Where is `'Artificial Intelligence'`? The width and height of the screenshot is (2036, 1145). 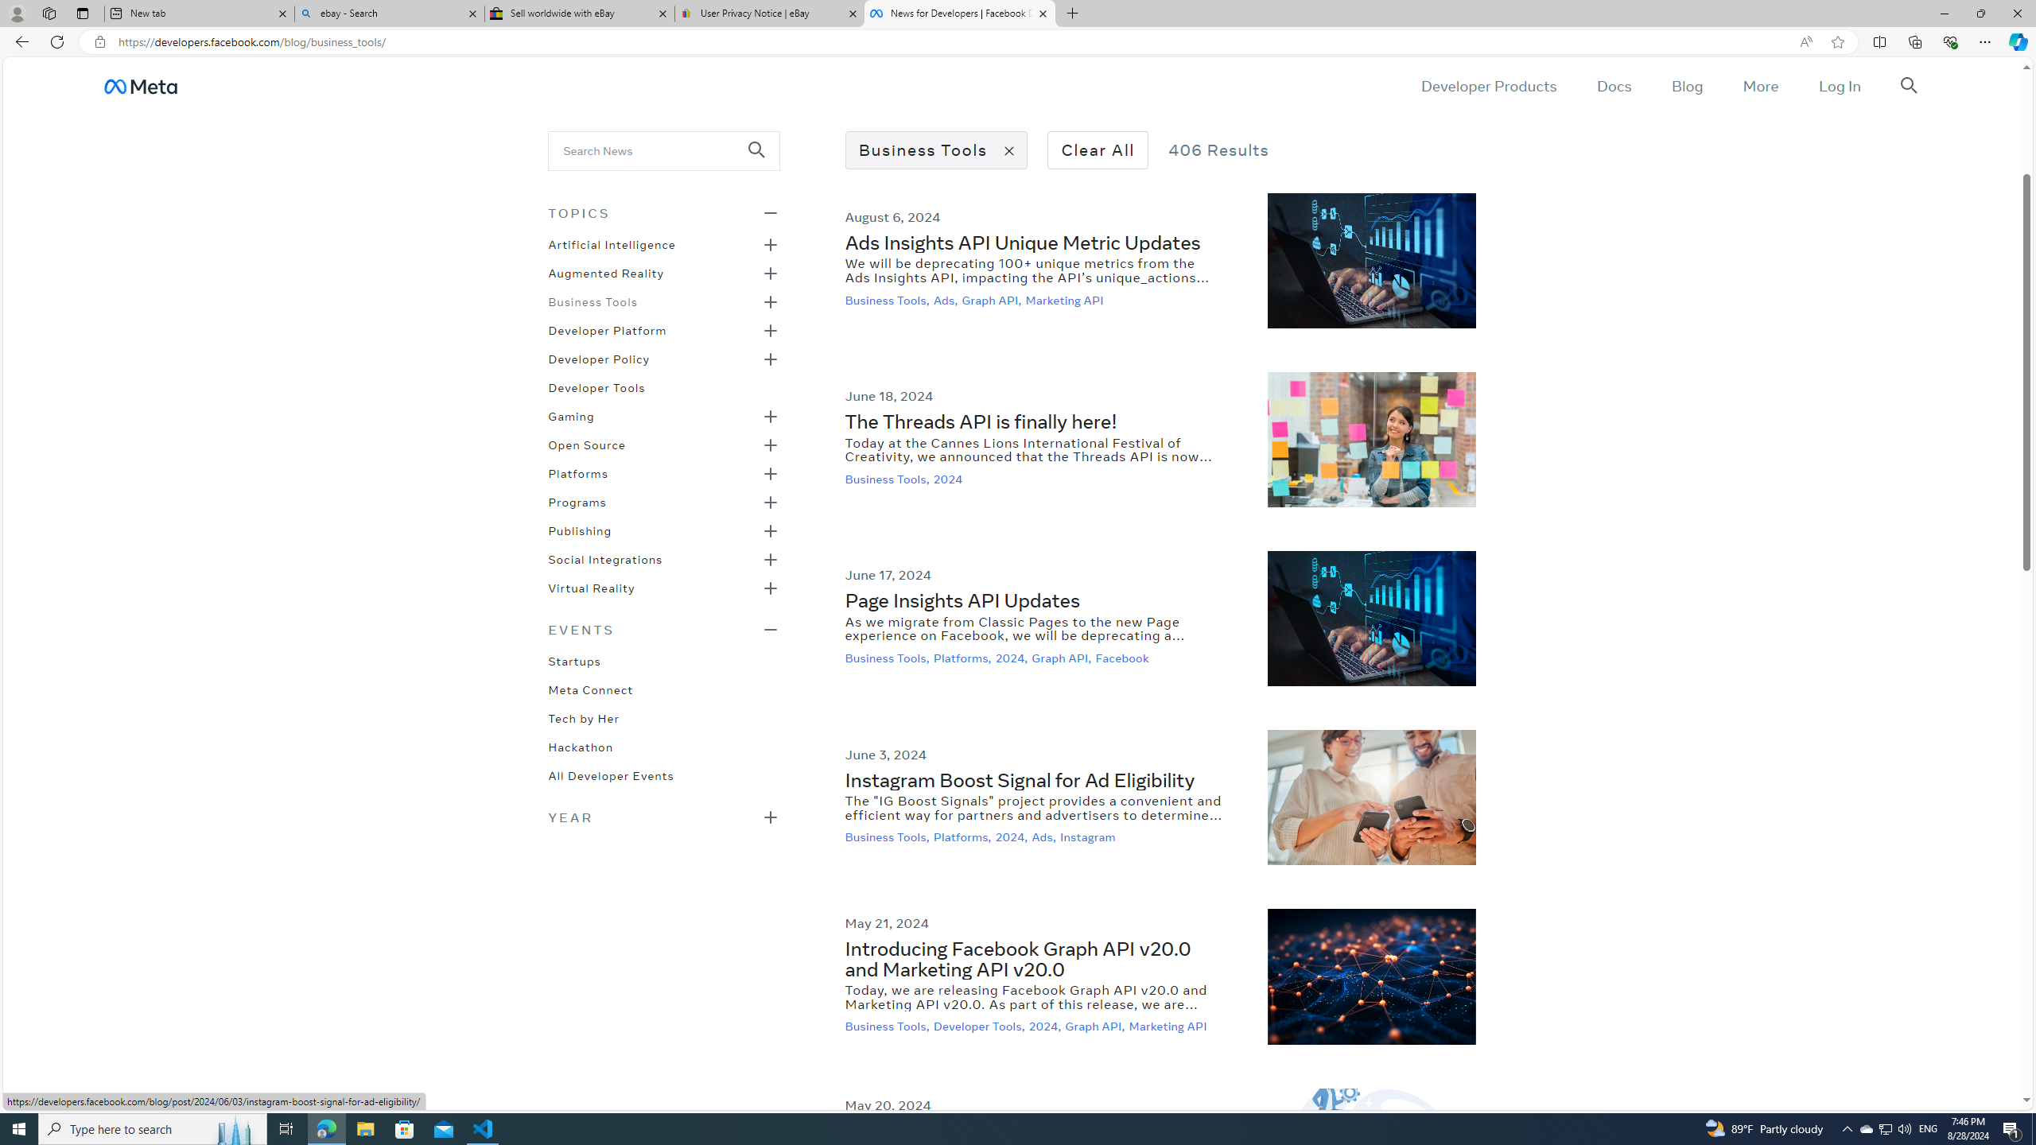 'Artificial Intelligence' is located at coordinates (612, 243).